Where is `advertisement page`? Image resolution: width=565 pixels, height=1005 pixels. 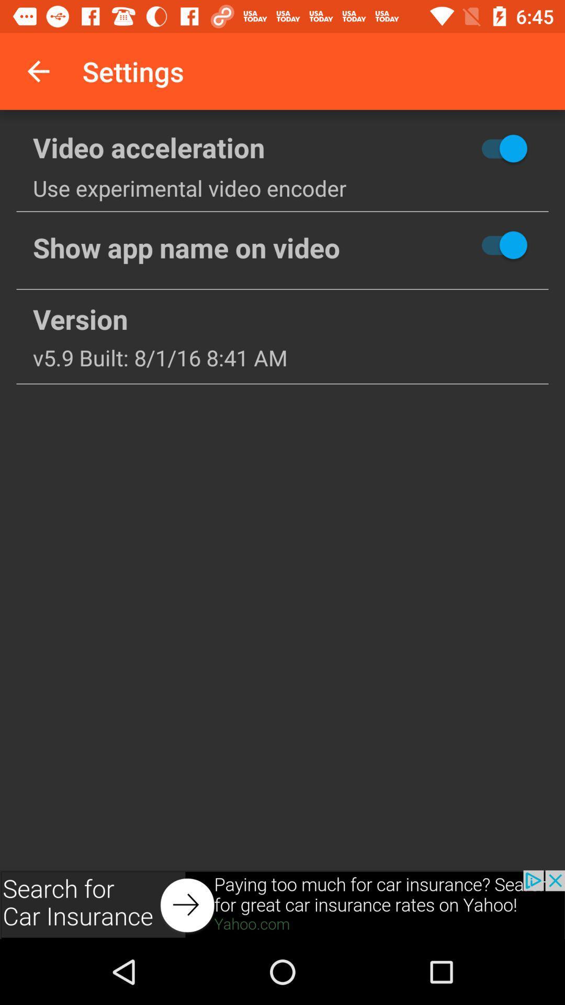 advertisement page is located at coordinates (282, 904).